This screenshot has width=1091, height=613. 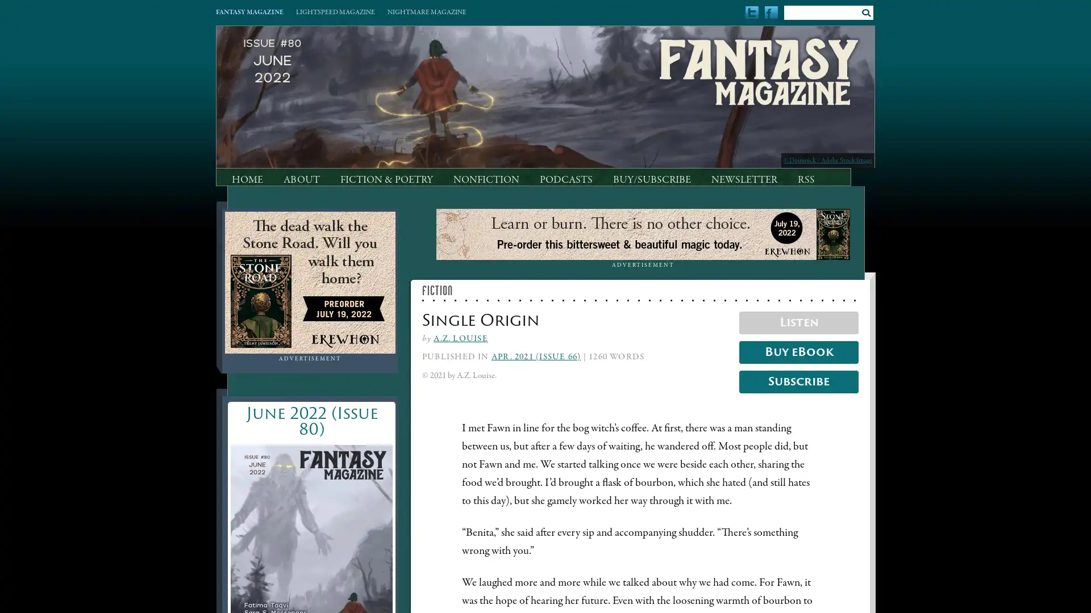 I want to click on Submit, so click(x=881, y=12).